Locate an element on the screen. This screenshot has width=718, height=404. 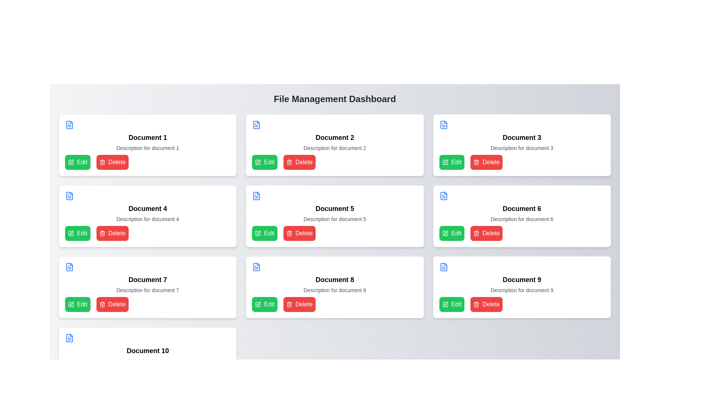
the primary rectangular body of the document icon in the card labeled 'Document 5' located in the second row, middle column of the layout is located at coordinates (257, 196).